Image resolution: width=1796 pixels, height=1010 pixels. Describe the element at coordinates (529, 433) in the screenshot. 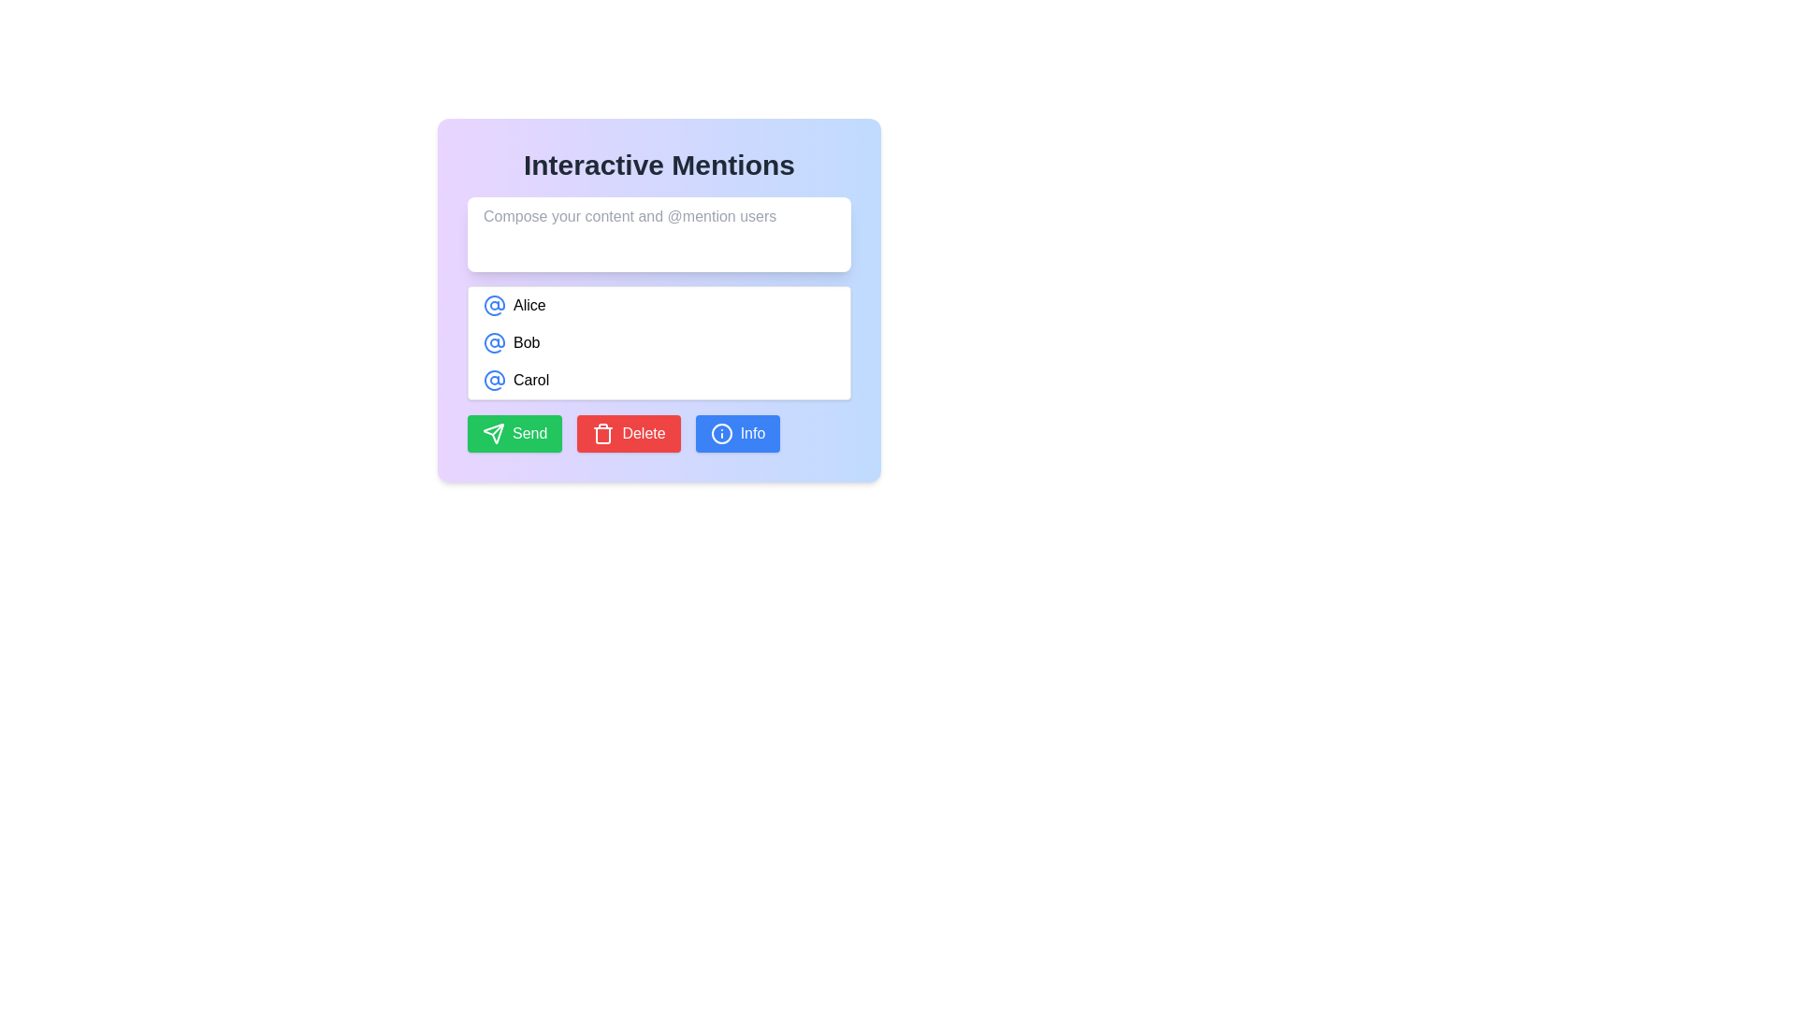

I see `the 'Send' button which contains the label text, located at the bottom-left corner of the interface next to a send symbol icon` at that location.